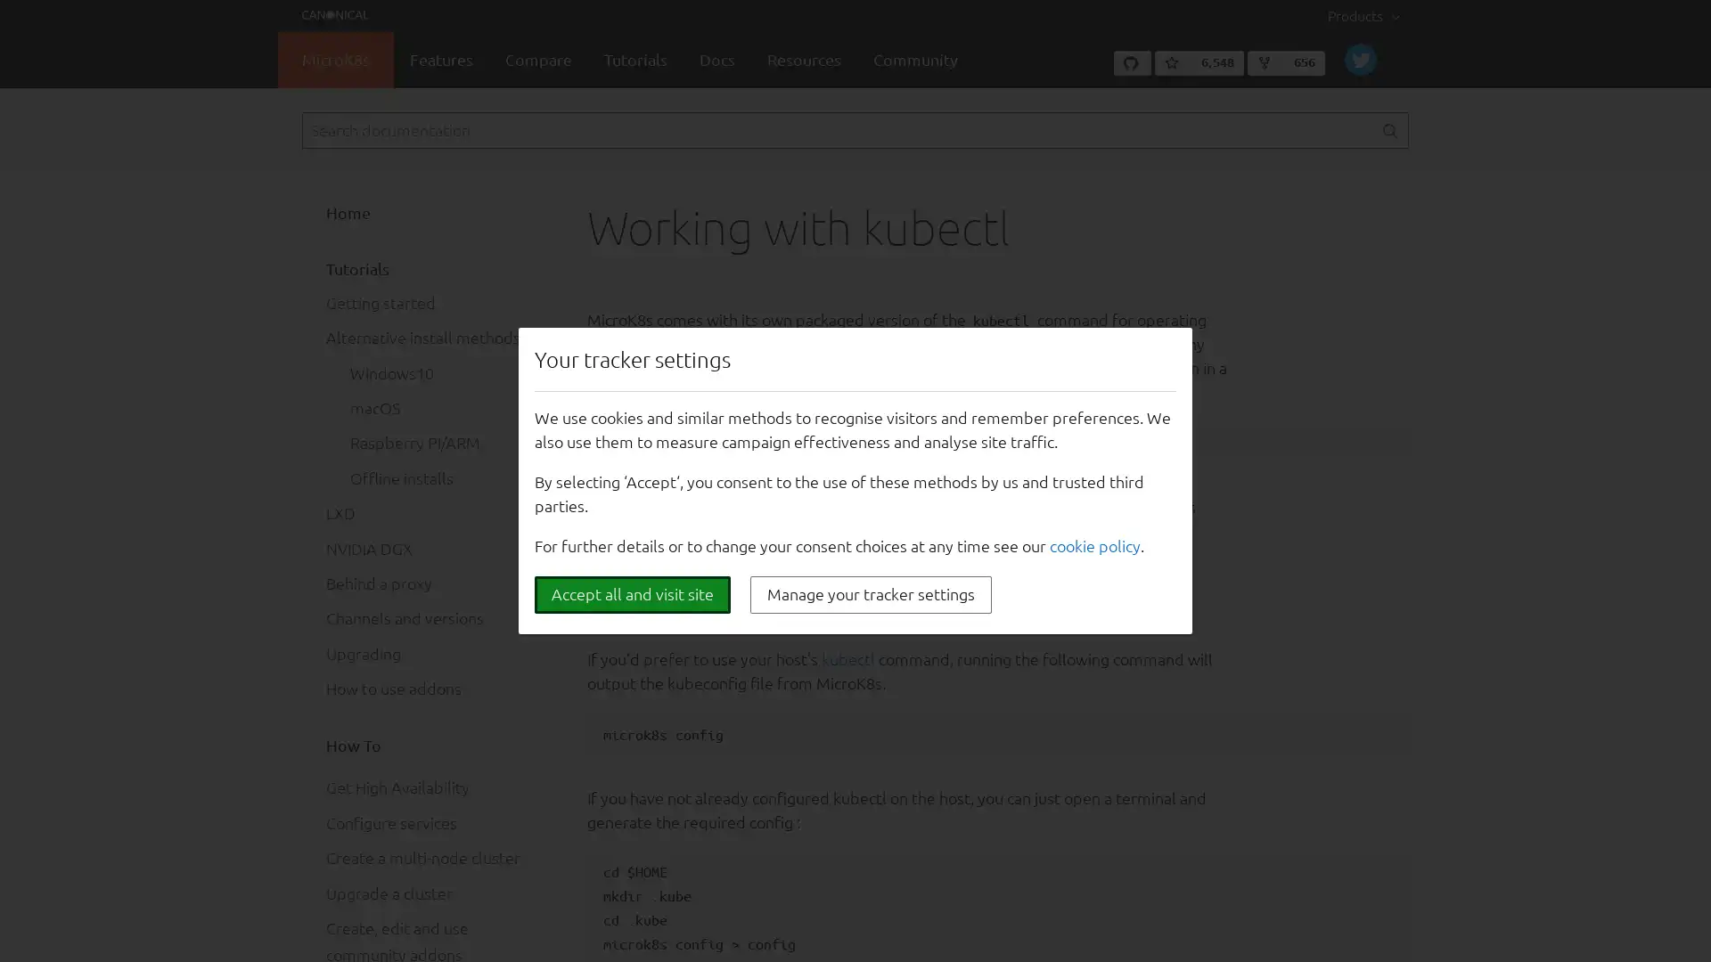 The height and width of the screenshot is (962, 1711). What do you see at coordinates (871, 594) in the screenshot?
I see `Manage your tracker settings` at bounding box center [871, 594].